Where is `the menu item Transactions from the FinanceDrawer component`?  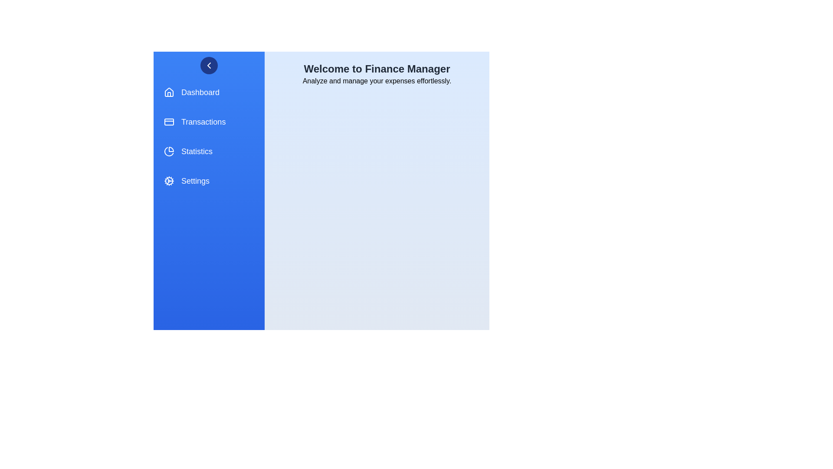
the menu item Transactions from the FinanceDrawer component is located at coordinates (209, 122).